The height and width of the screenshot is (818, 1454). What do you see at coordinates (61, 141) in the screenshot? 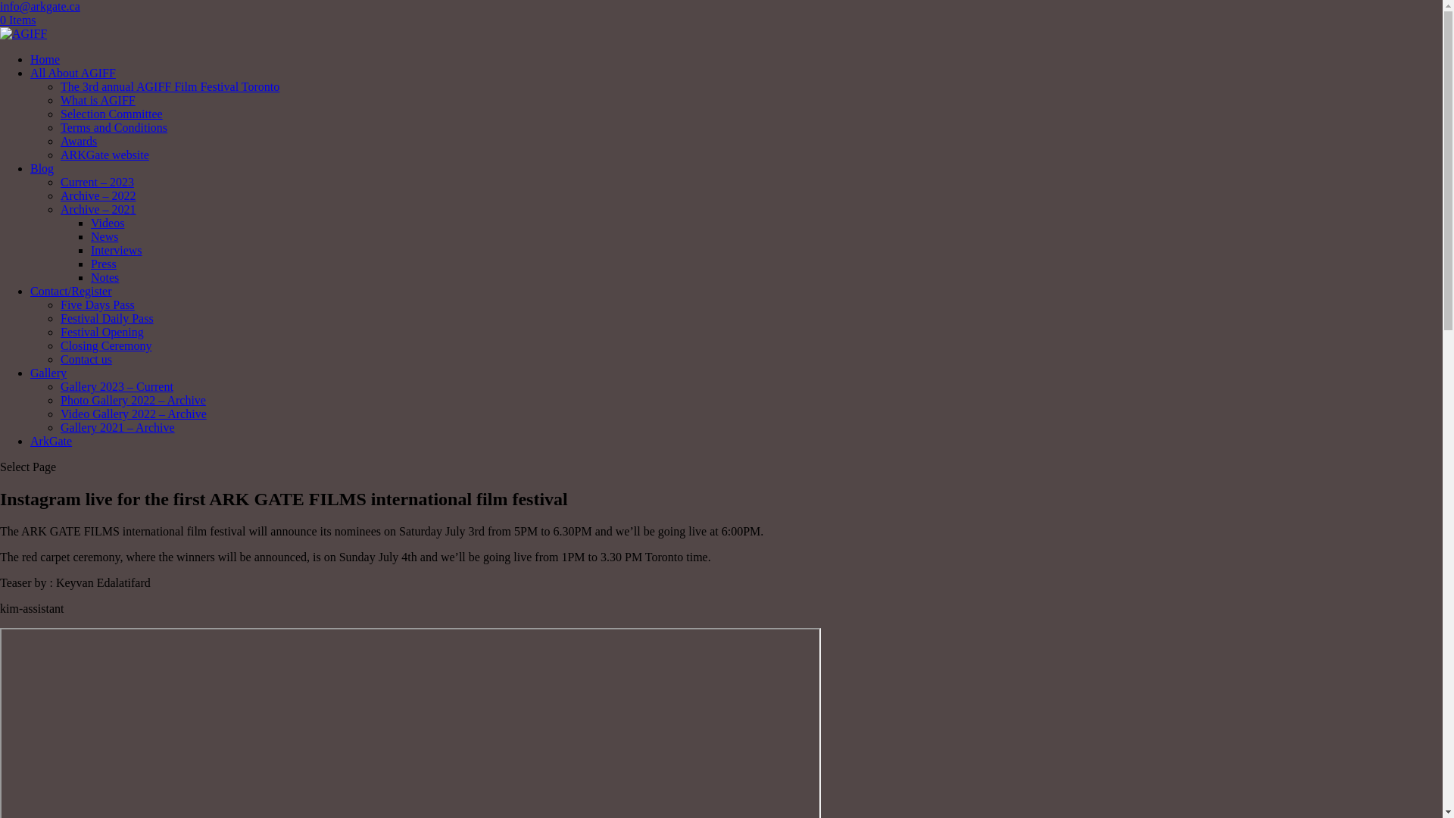
I see `'Awards'` at bounding box center [61, 141].